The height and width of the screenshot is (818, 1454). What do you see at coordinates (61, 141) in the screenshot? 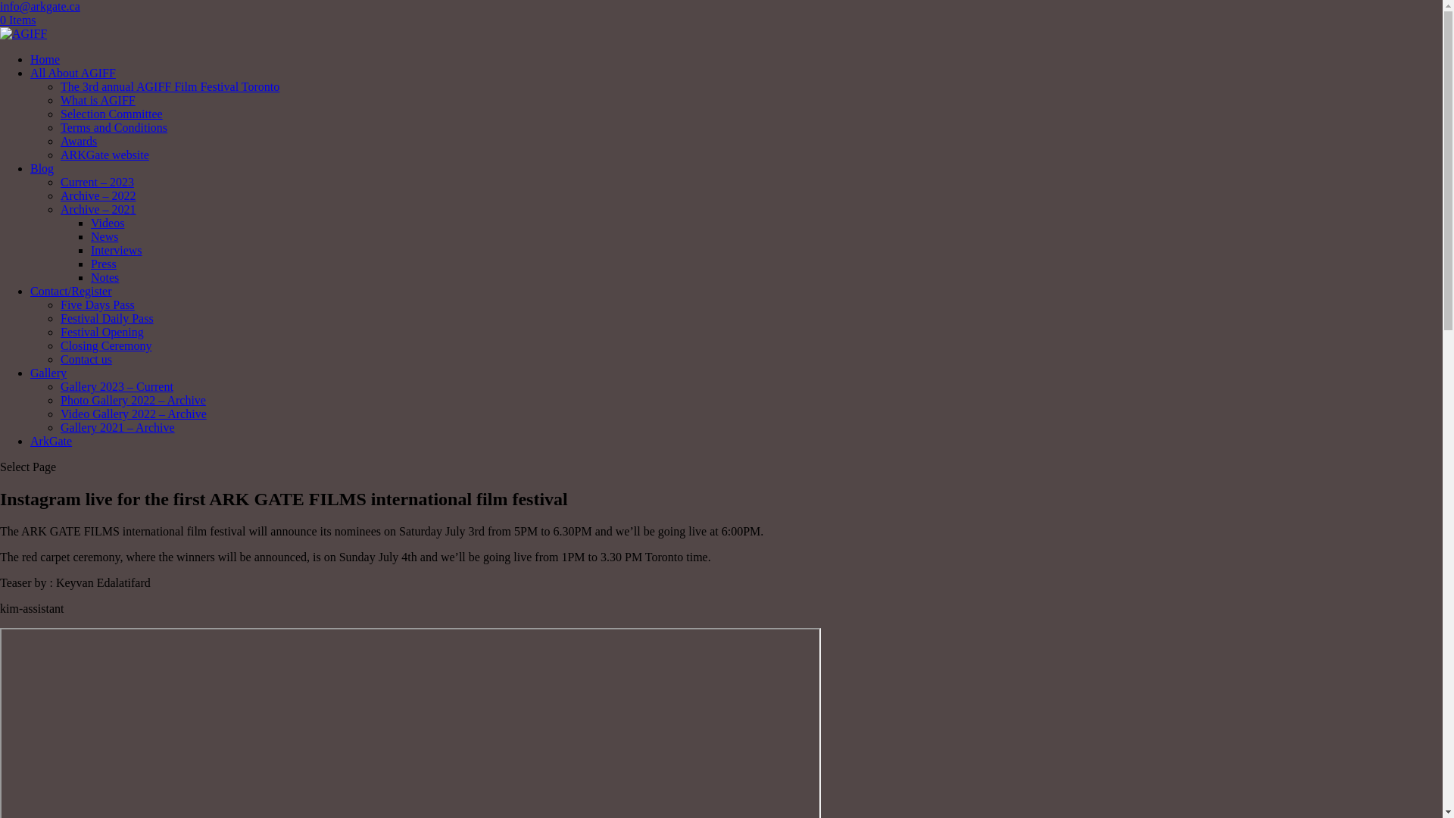
I see `'Awards'` at bounding box center [61, 141].